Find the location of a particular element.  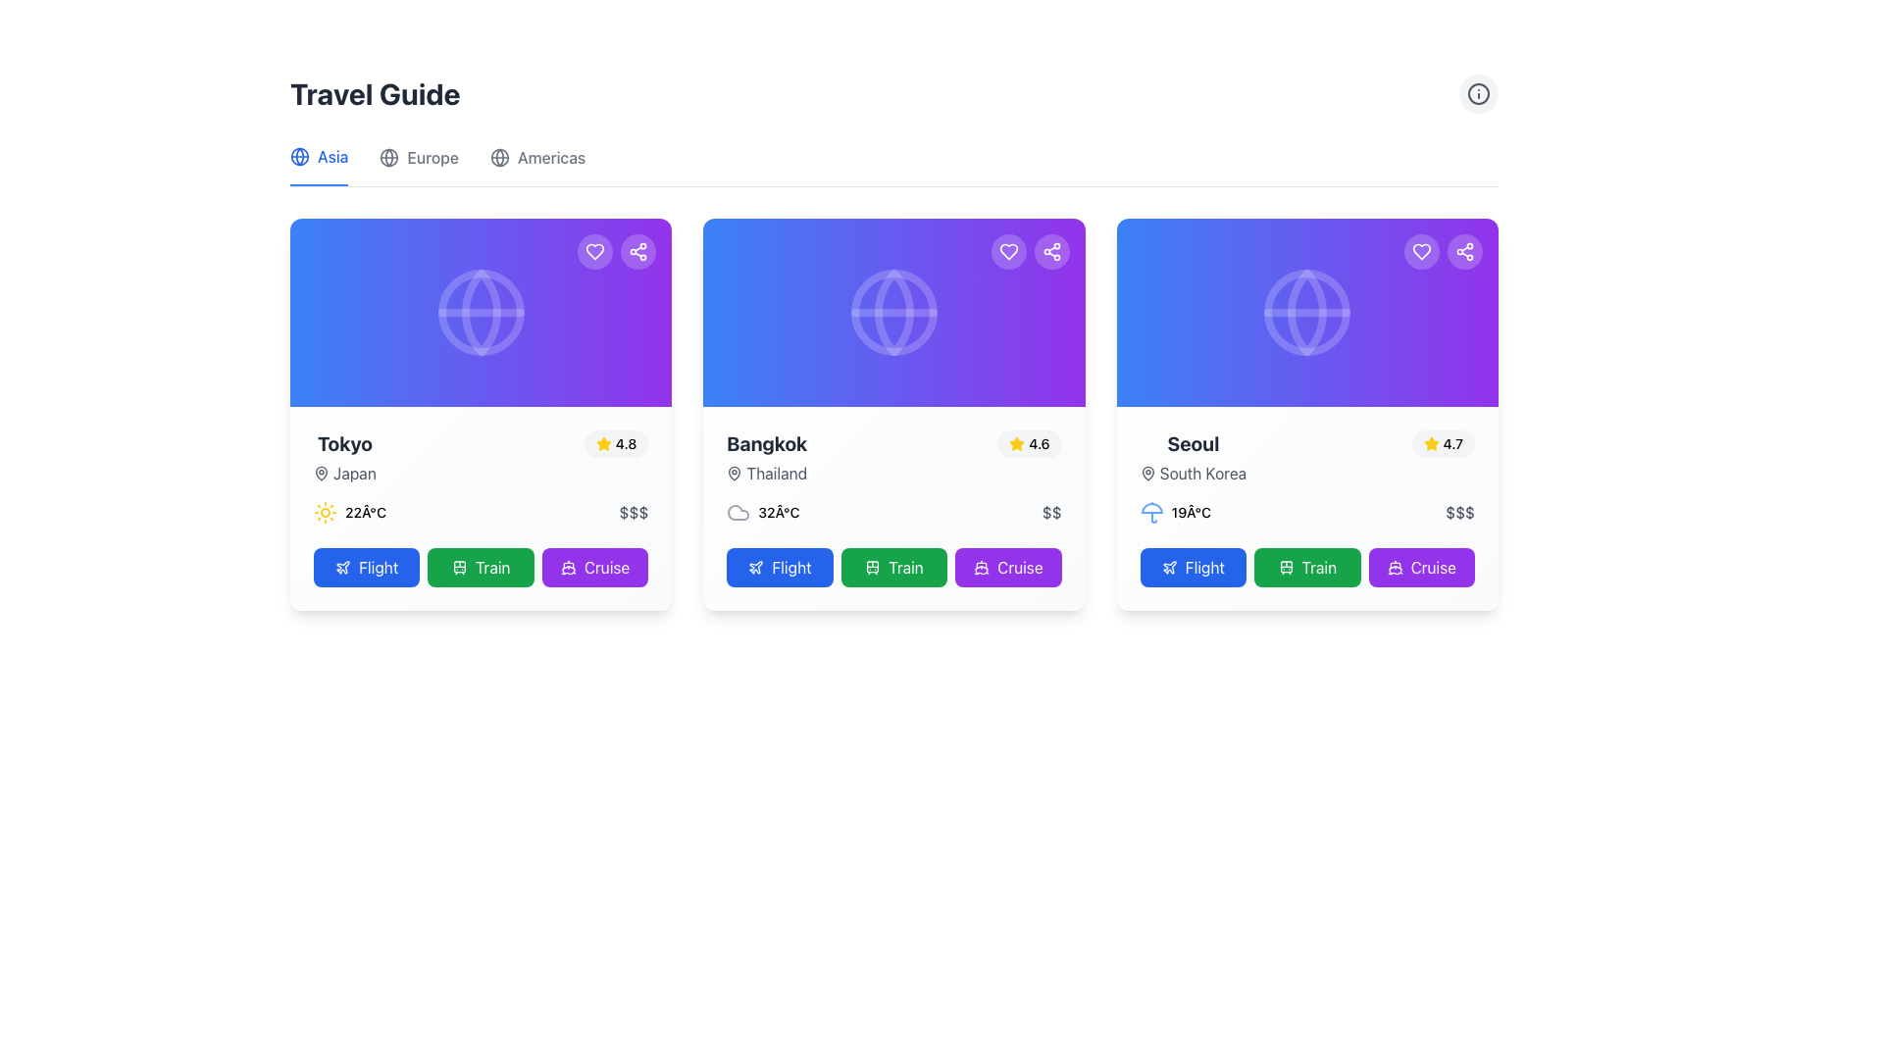

the map pin icon located to the left of the 'South Korea' text in the 'Seoul' section of the third card on the right is located at coordinates (1147, 473).